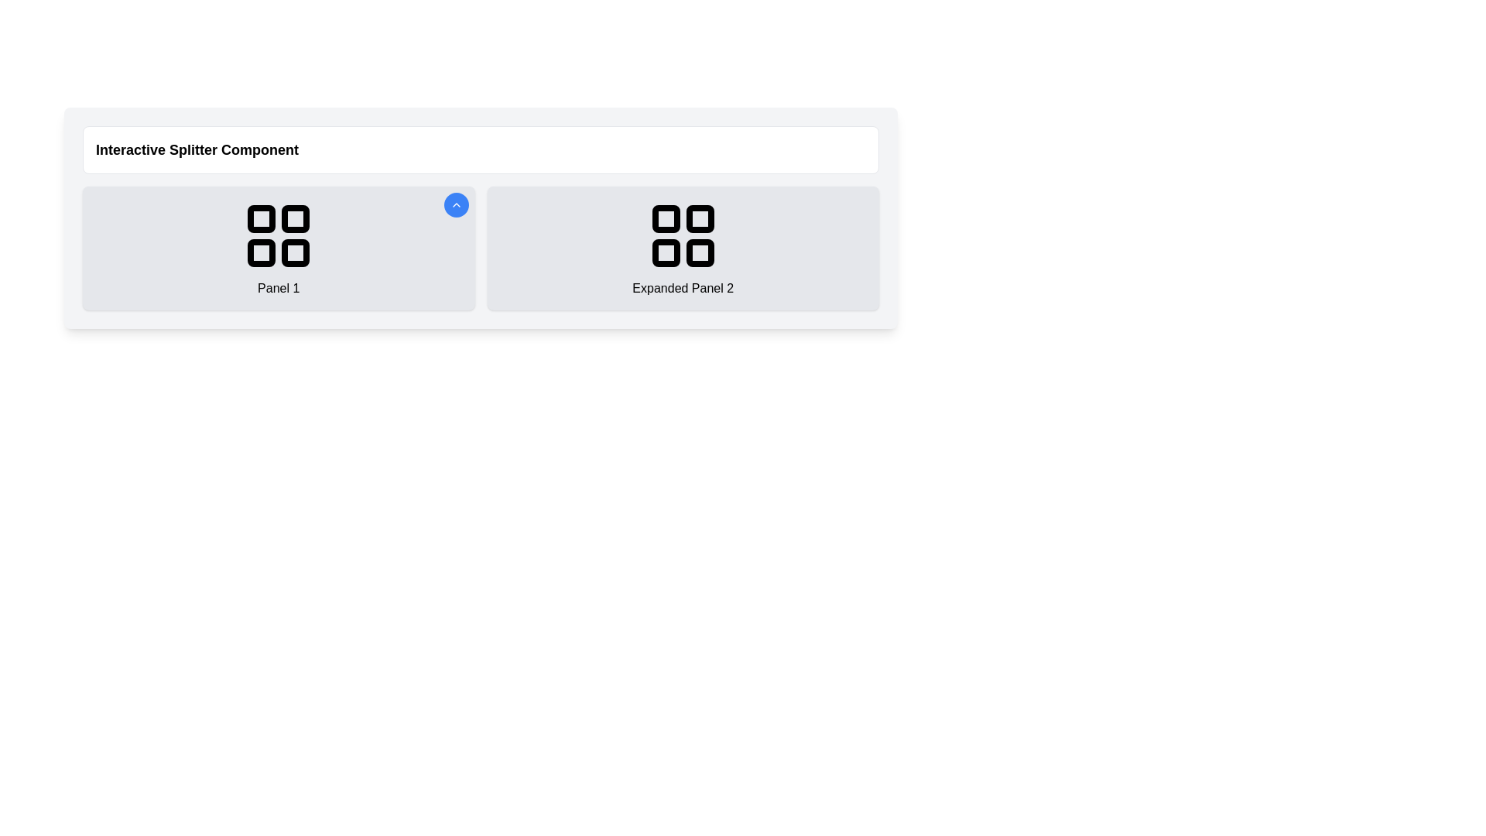  Describe the element at coordinates (455, 204) in the screenshot. I see `the circular button with a blue background and white chevron icon located in the top-right corner of 'Panel 1'` at that location.